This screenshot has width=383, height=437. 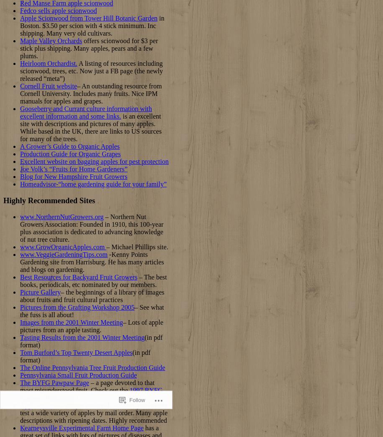 I want to click on '– See what the fuss is all about!', so click(x=92, y=310).